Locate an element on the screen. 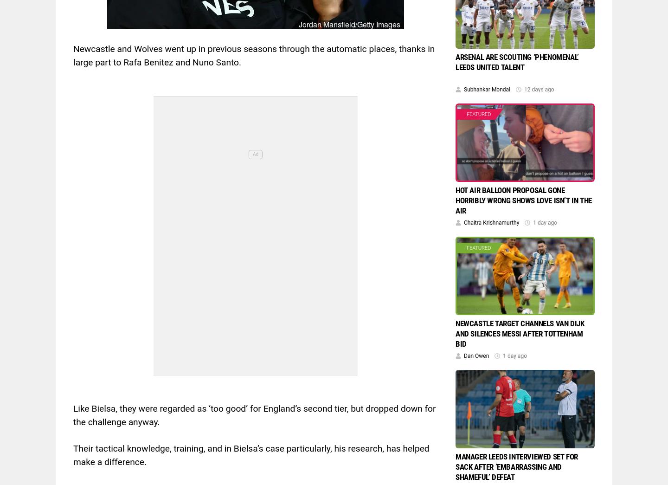  'Chaitra Krishnamurthy' is located at coordinates (491, 222).